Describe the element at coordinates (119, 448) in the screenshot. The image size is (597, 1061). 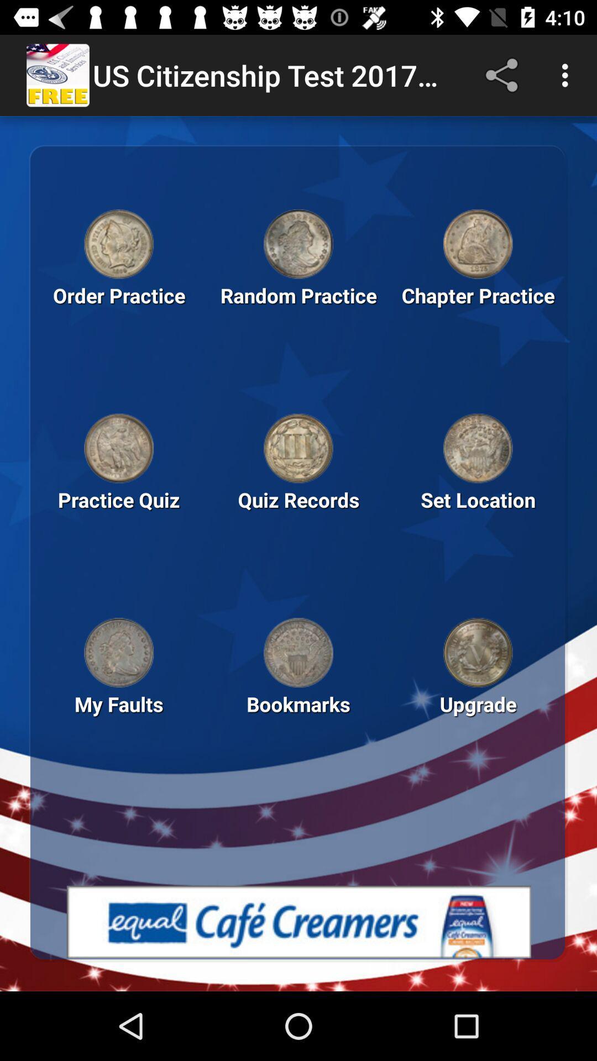
I see `link to practice quiz` at that location.